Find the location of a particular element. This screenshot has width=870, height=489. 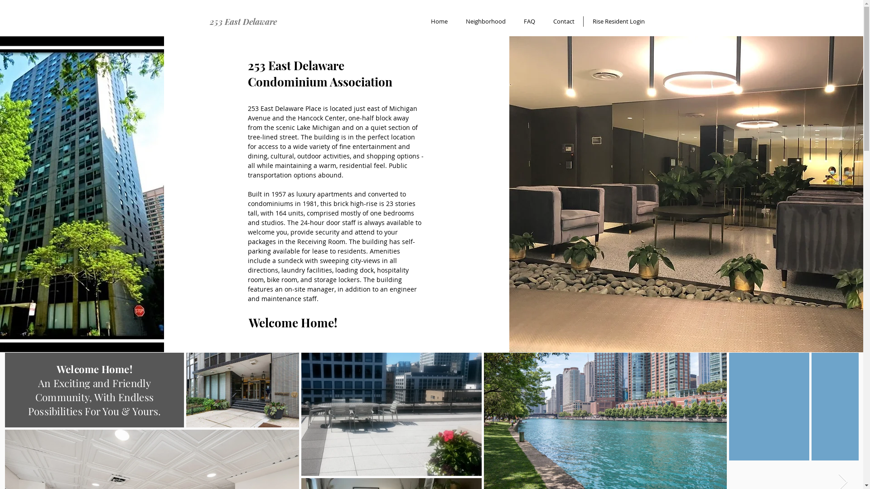

'Contact' is located at coordinates (563, 21).